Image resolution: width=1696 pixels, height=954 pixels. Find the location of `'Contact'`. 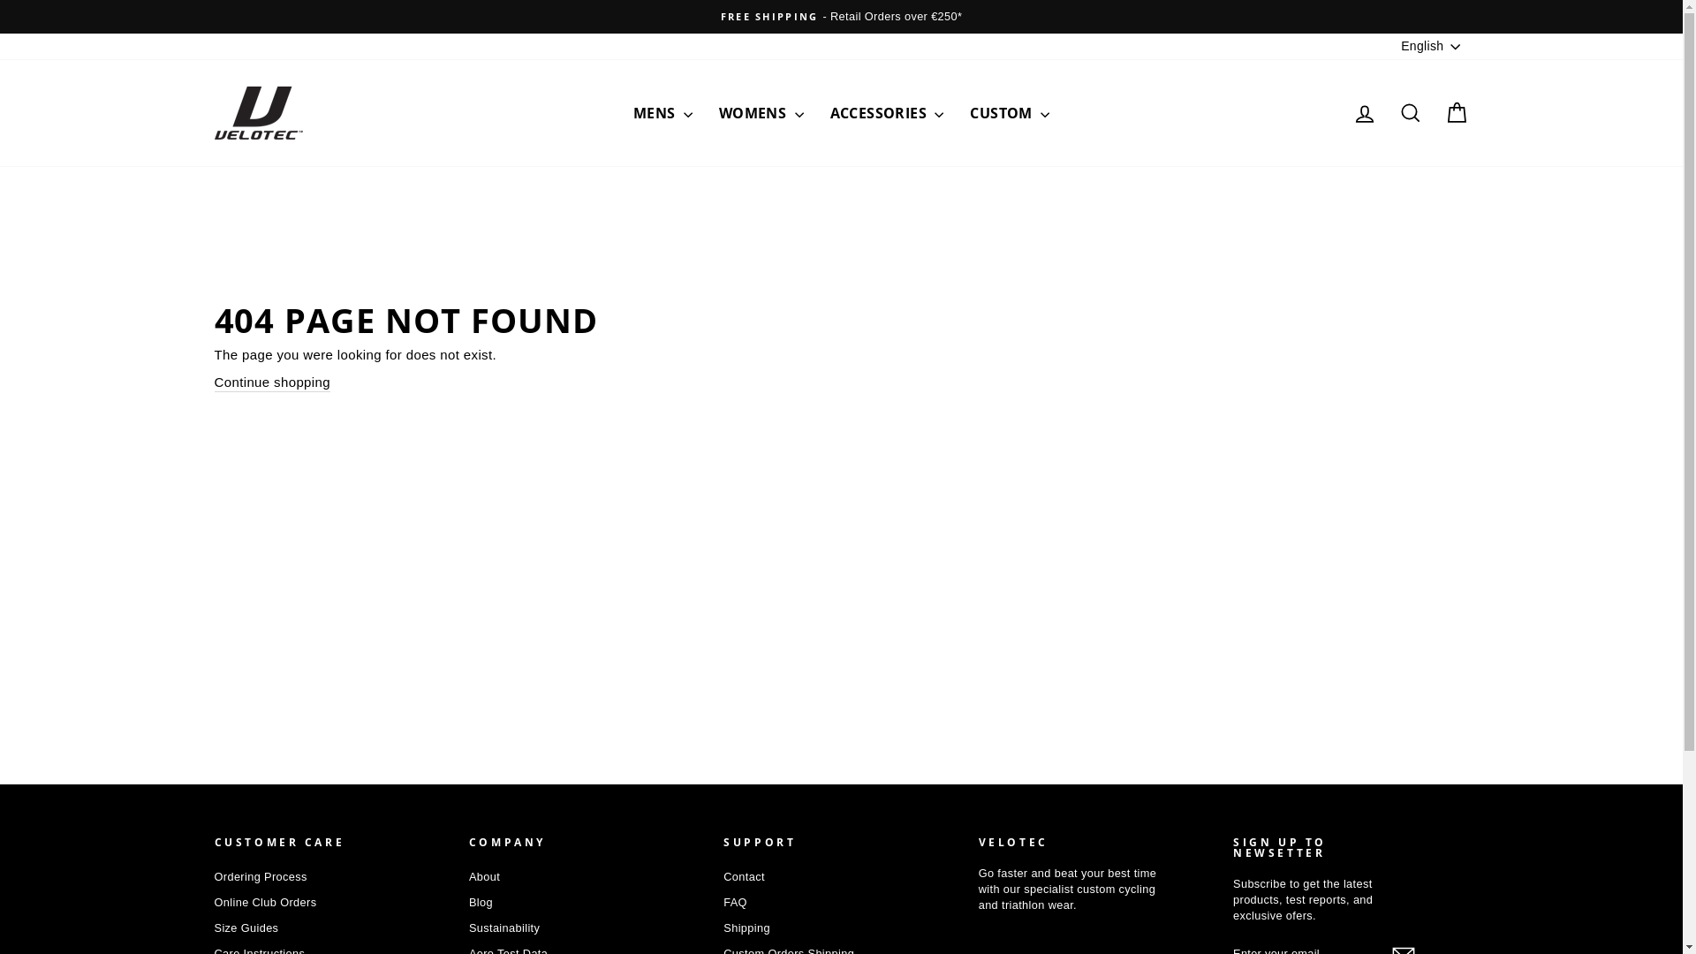

'Contact' is located at coordinates (744, 876).